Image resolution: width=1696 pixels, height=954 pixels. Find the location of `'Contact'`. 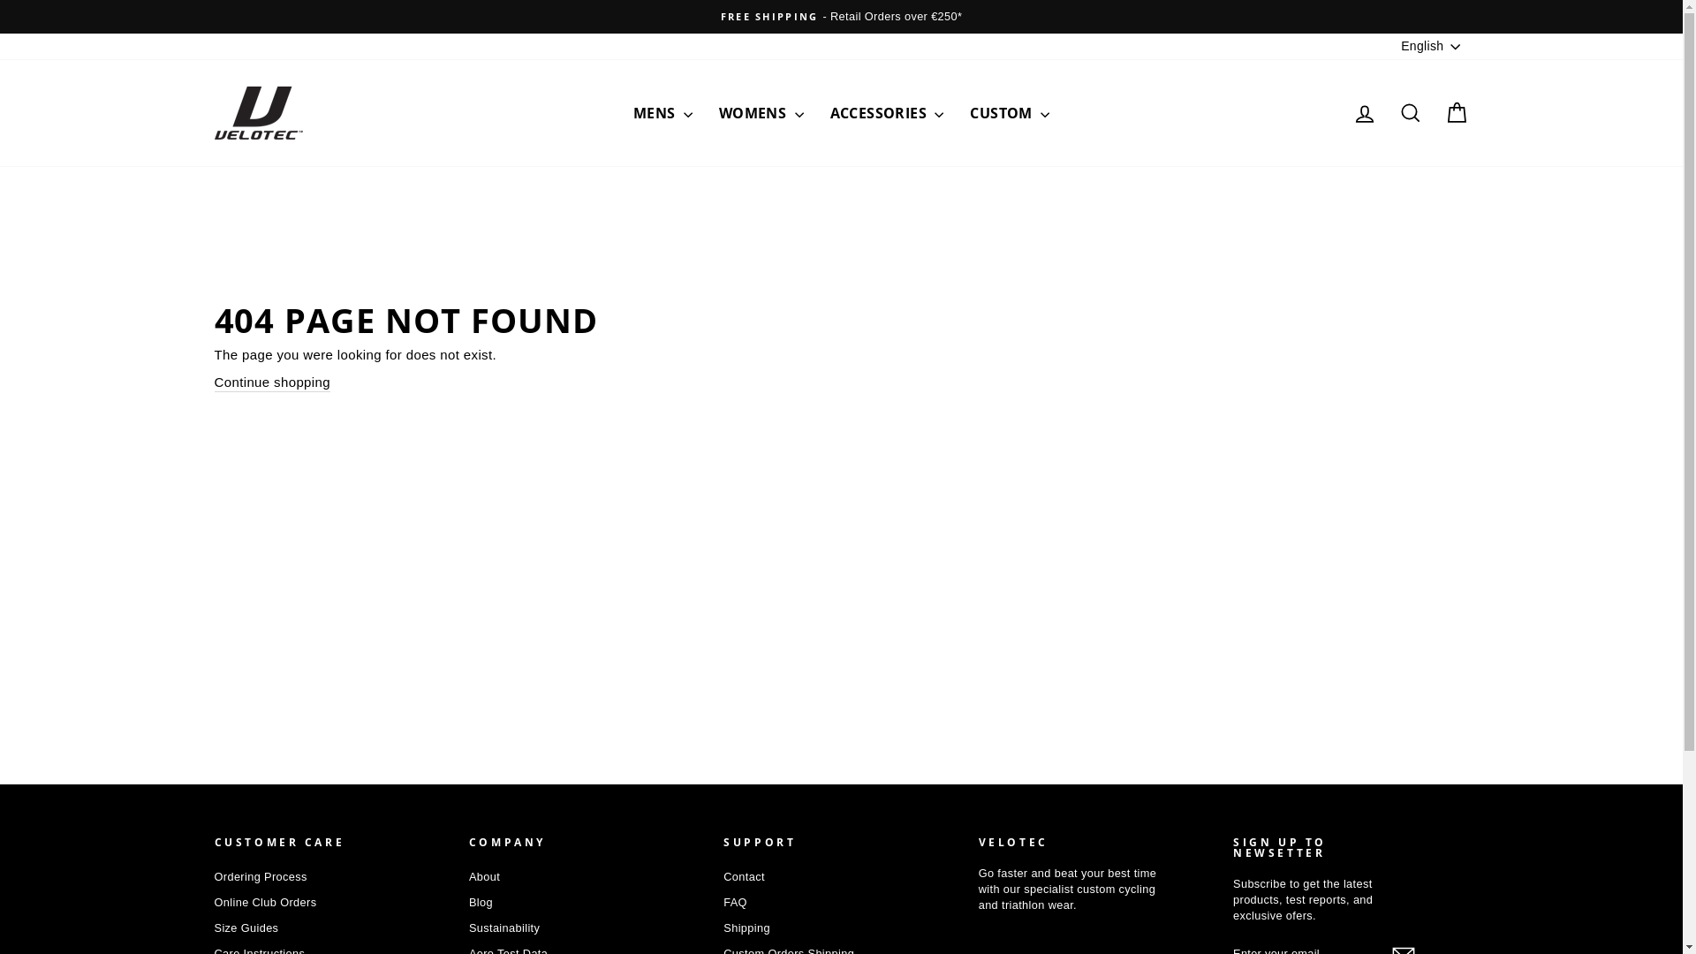

'Contact' is located at coordinates (744, 876).